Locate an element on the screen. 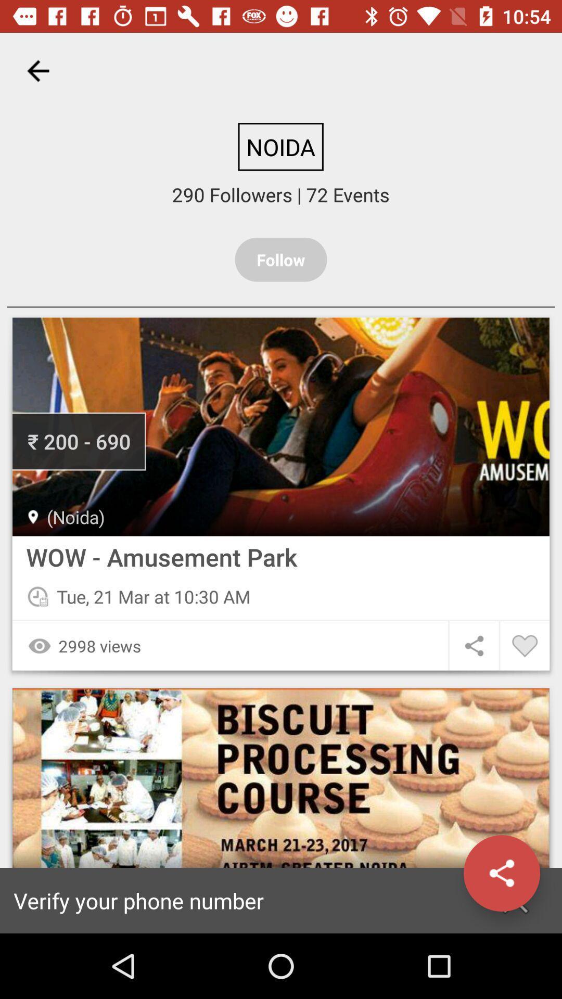 This screenshot has width=562, height=999. the image is located at coordinates (281, 427).